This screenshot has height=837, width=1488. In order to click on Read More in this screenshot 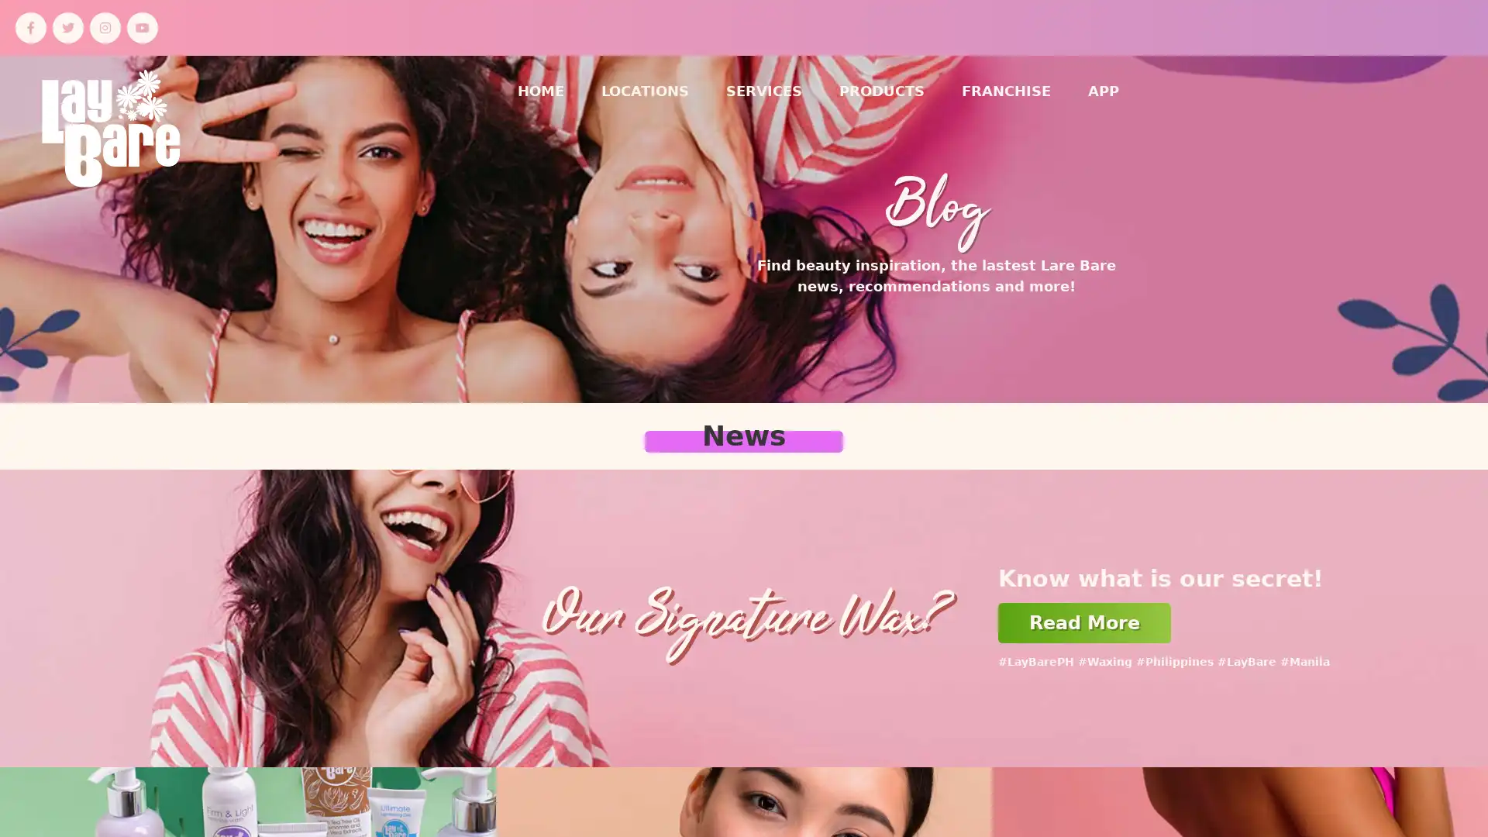, I will do `click(1083, 622)`.